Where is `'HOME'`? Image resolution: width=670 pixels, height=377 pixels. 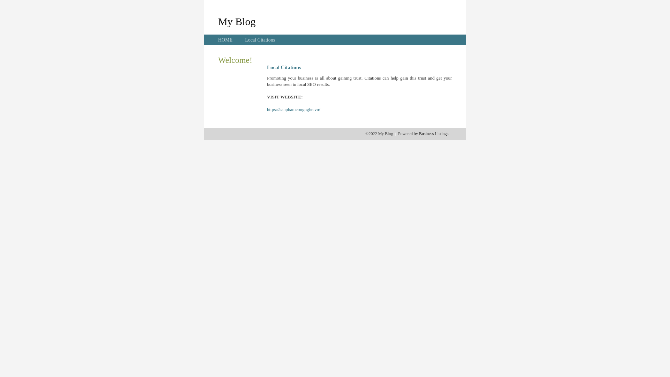 'HOME' is located at coordinates (225, 40).